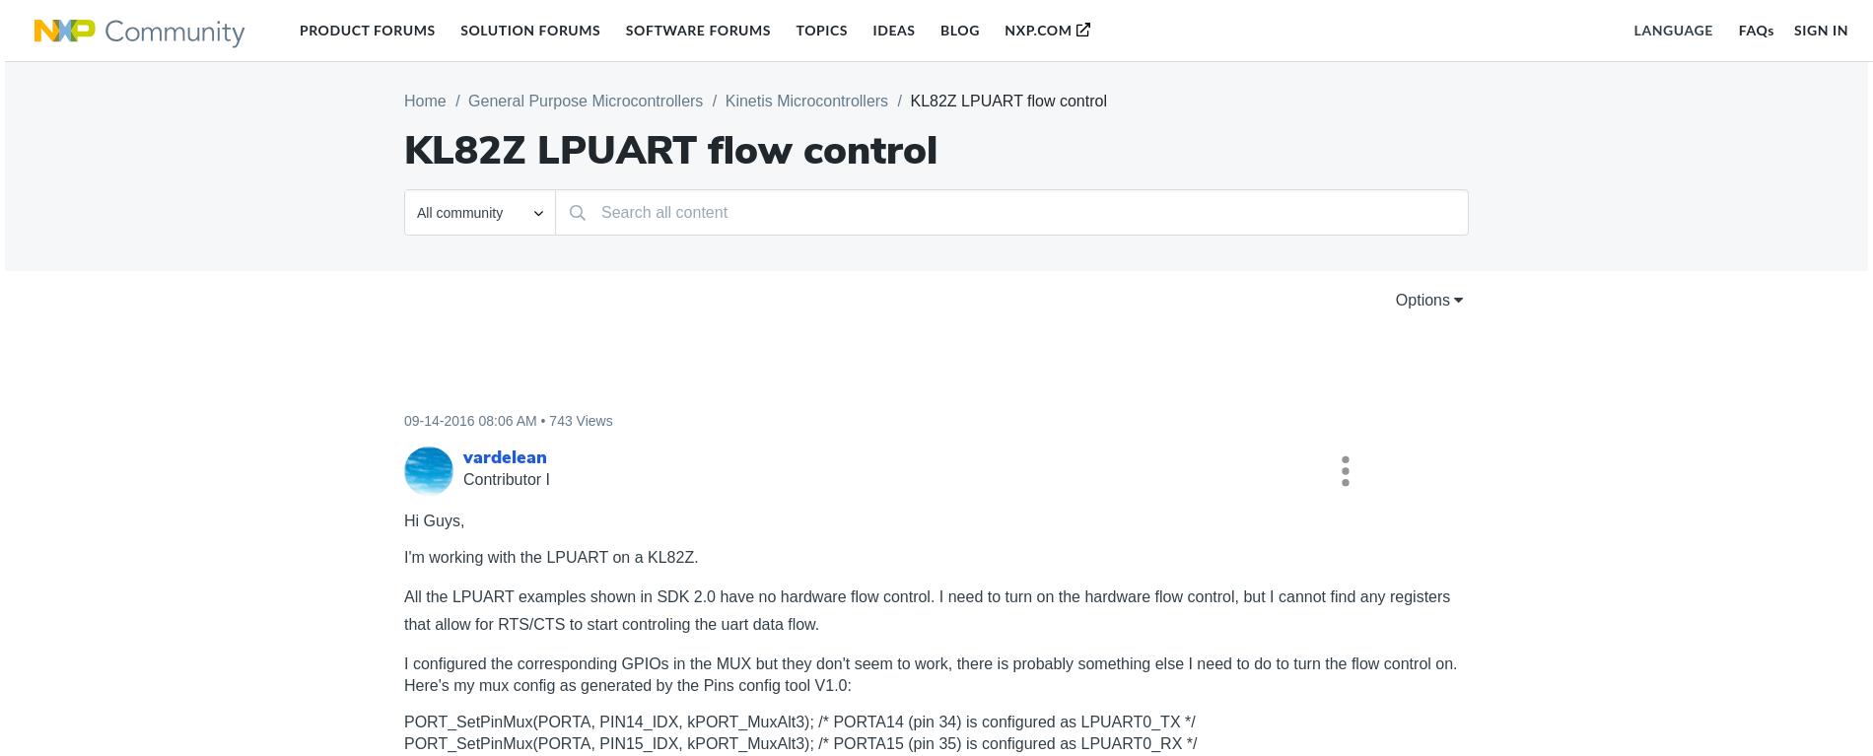  Describe the element at coordinates (820, 29) in the screenshot. I see `'Topics'` at that location.